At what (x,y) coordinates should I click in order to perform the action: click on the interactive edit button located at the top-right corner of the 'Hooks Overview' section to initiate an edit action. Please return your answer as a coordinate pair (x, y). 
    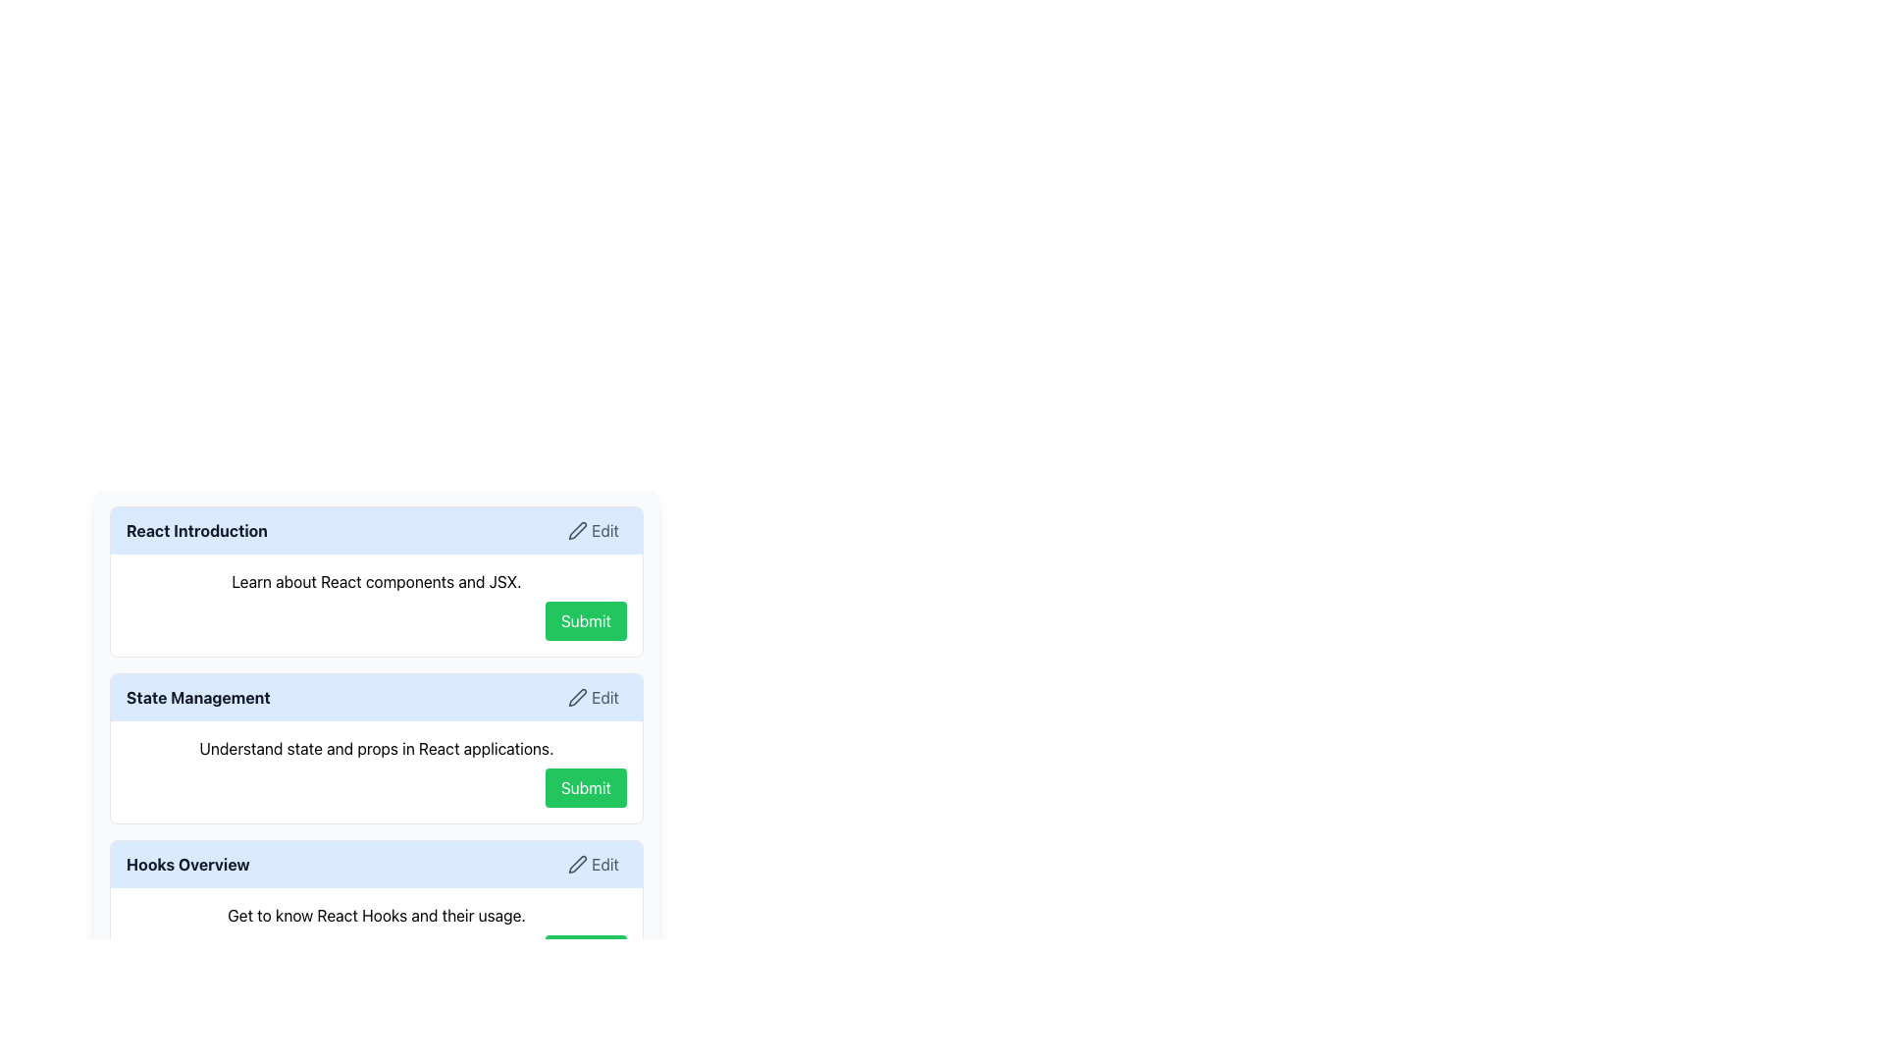
    Looking at the image, I should click on (592, 863).